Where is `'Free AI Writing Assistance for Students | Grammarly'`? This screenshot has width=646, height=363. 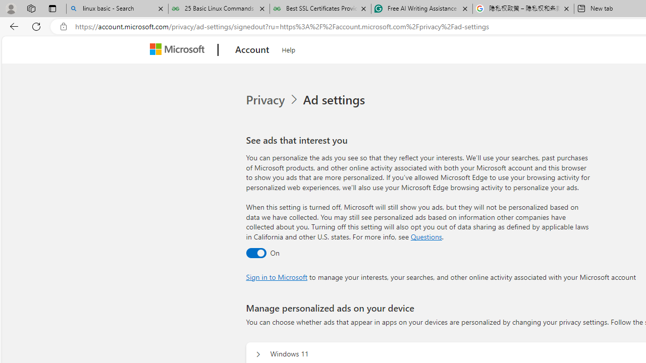
'Free AI Writing Assistance for Students | Grammarly' is located at coordinates (421, 9).